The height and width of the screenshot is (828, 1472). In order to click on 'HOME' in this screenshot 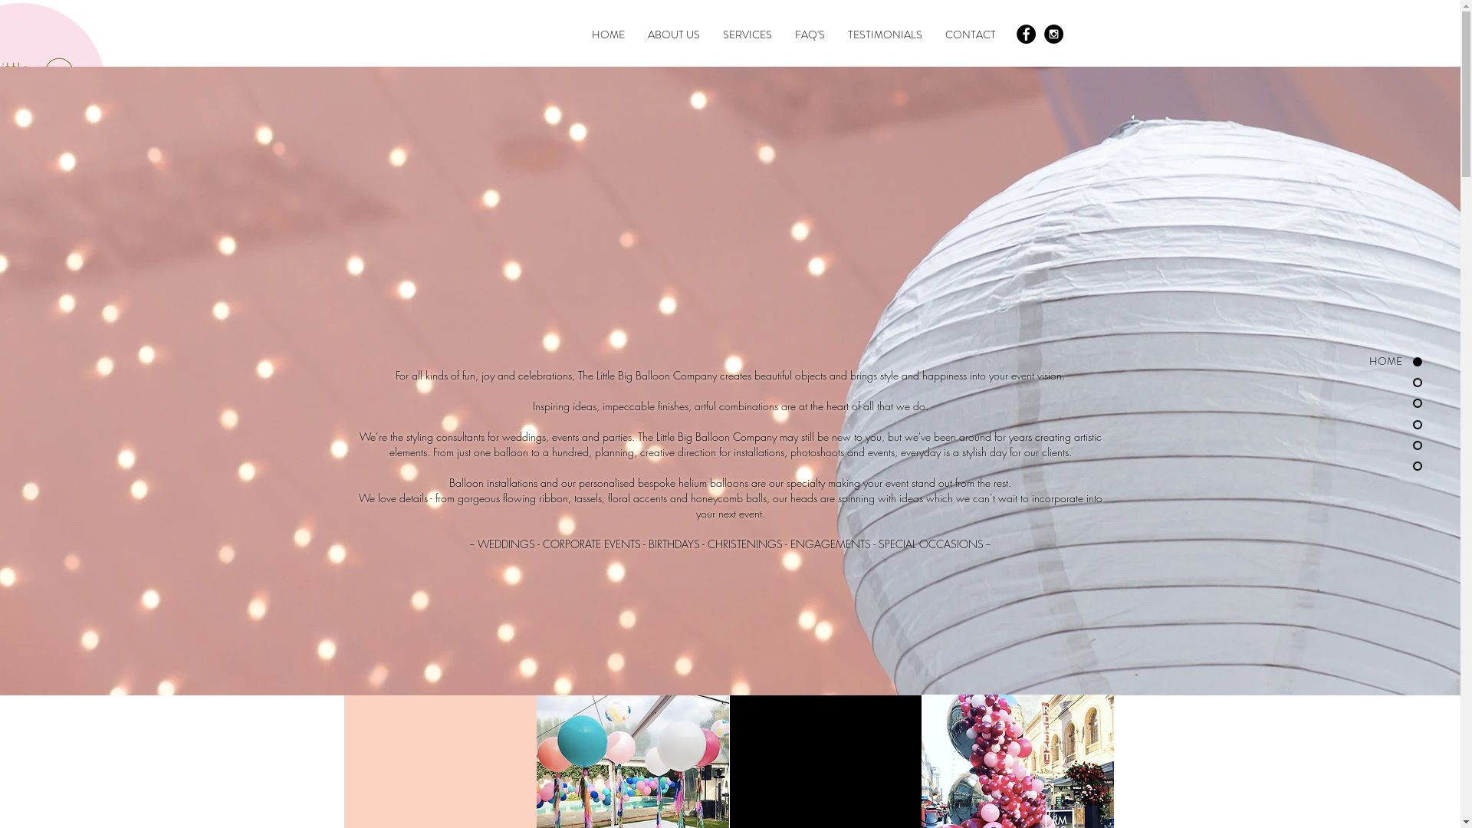, I will do `click(1337, 361)`.